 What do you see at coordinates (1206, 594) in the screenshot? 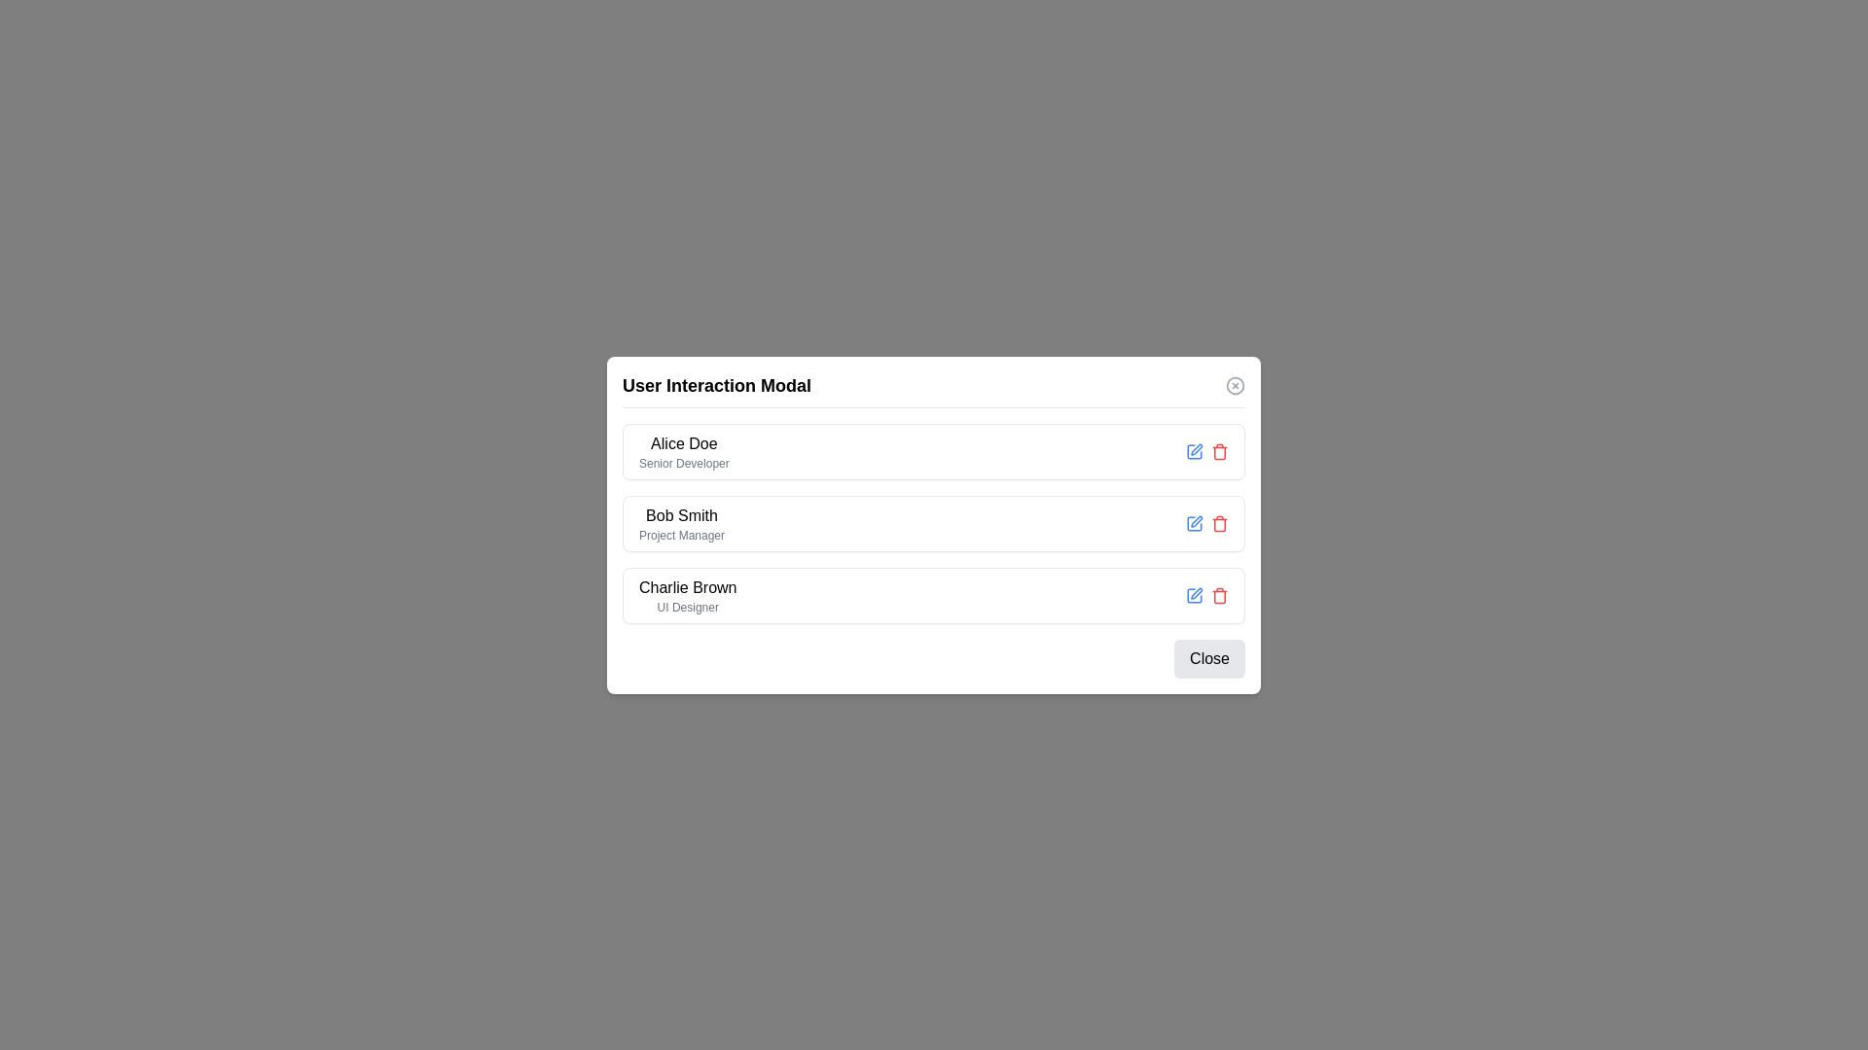
I see `the blue icon in the interactive icons group located on the right side of the third row in the modal dialog that lists team members, specifically for editing the details of 'Charlie Brown', the UI Designer` at bounding box center [1206, 594].